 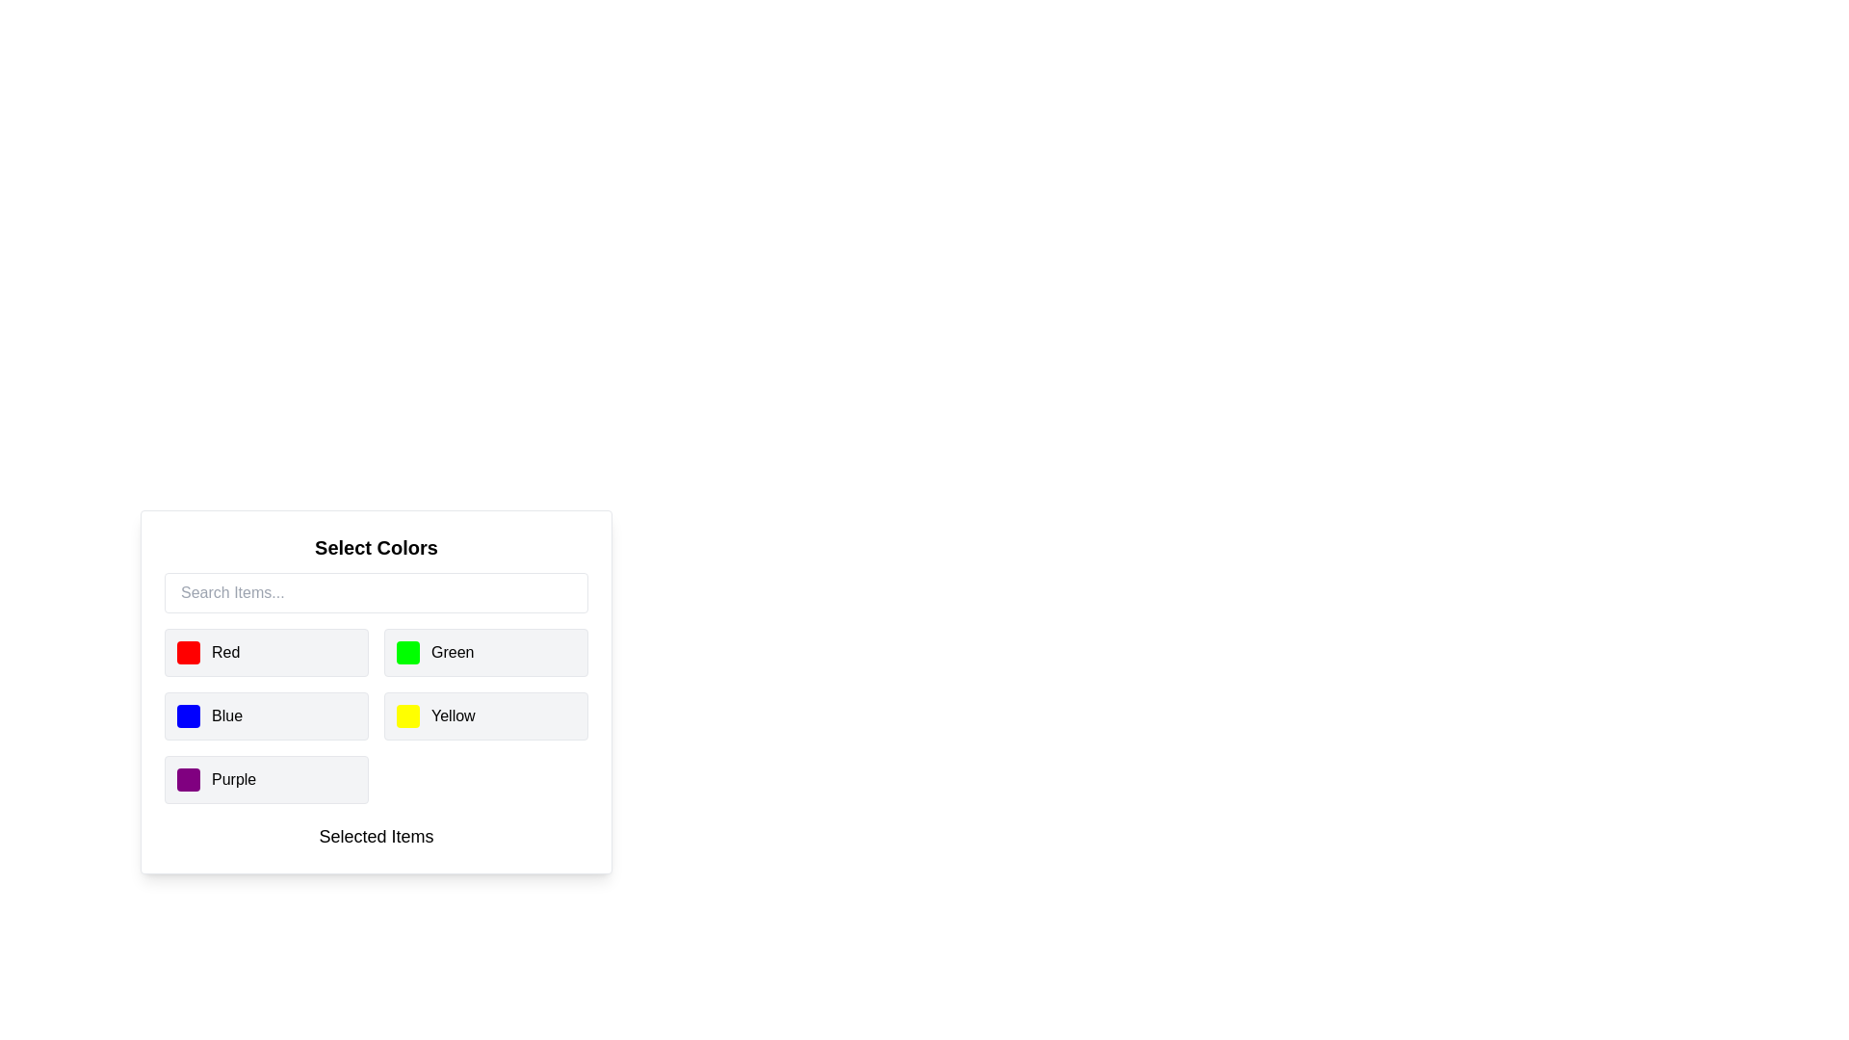 I want to click on the second selectable list item representing the color green, so click(x=433, y=652).